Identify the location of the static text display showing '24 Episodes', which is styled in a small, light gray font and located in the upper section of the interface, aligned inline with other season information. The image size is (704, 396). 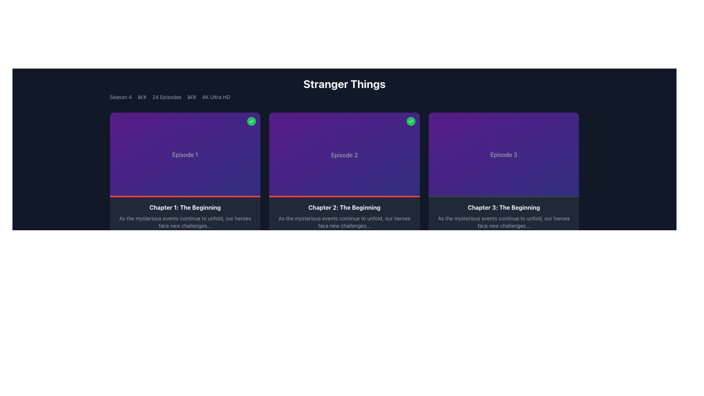
(166, 97).